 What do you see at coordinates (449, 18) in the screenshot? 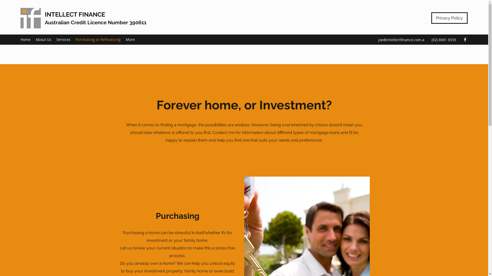
I see `'Privacy Policy'` at bounding box center [449, 18].